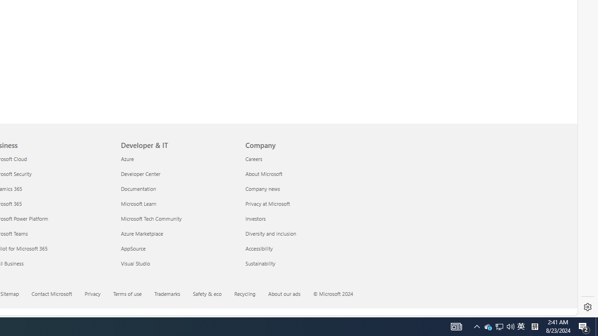 This screenshot has height=336, width=598. I want to click on 'Developer Center Developer & IT', so click(140, 174).